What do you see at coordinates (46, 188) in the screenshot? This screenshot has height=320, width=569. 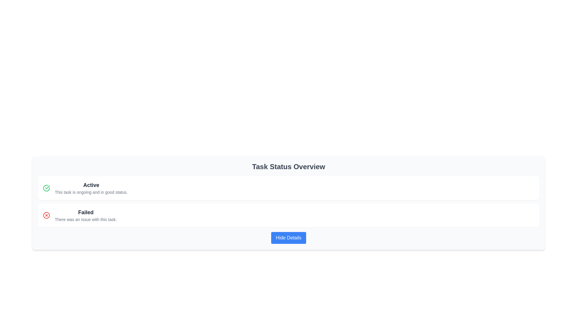 I see `the green circular icon with a checkmark symbol, which indicates a successful status, located to the left of the 'Active' label` at bounding box center [46, 188].